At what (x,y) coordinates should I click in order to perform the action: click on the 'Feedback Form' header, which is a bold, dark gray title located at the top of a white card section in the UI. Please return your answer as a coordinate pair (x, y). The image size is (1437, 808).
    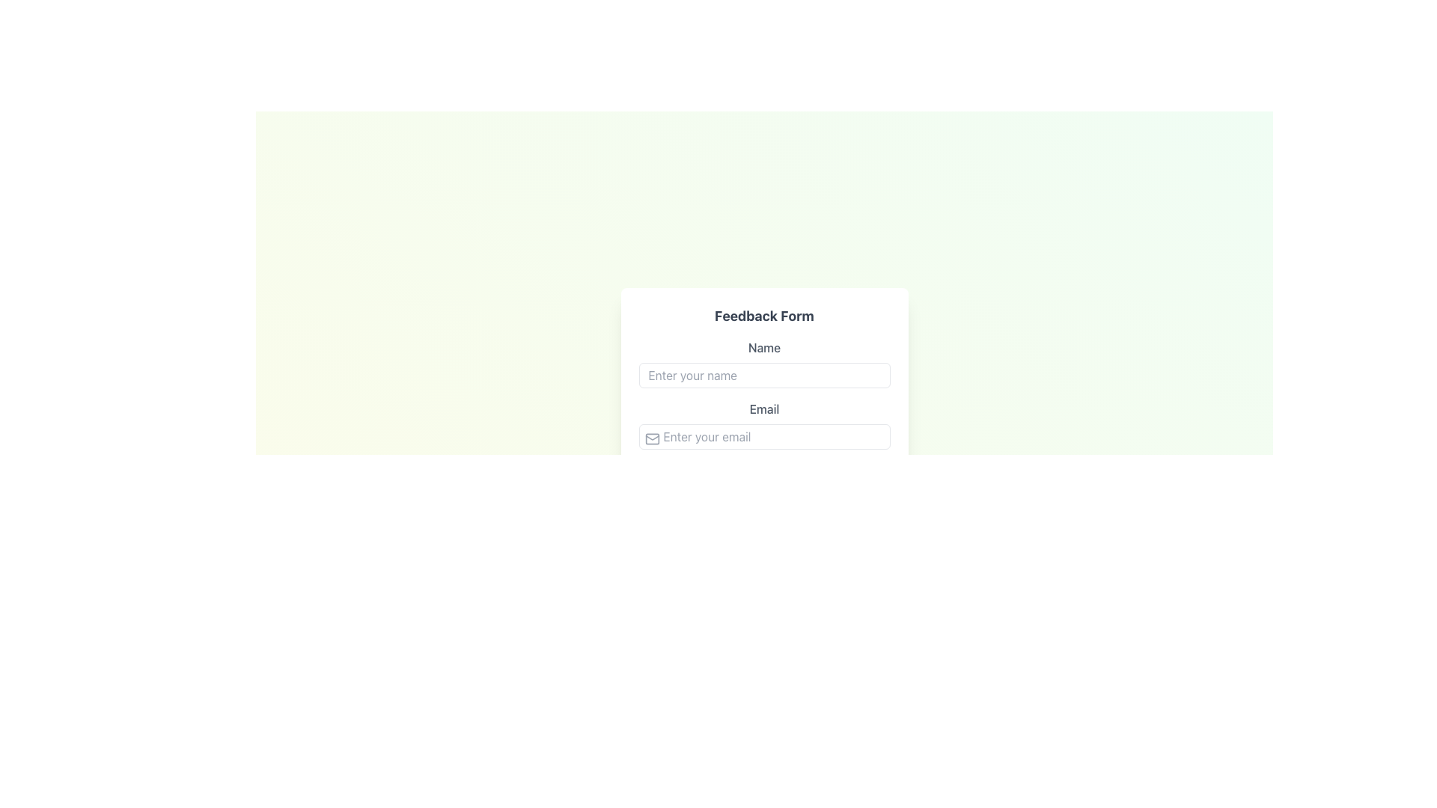
    Looking at the image, I should click on (764, 316).